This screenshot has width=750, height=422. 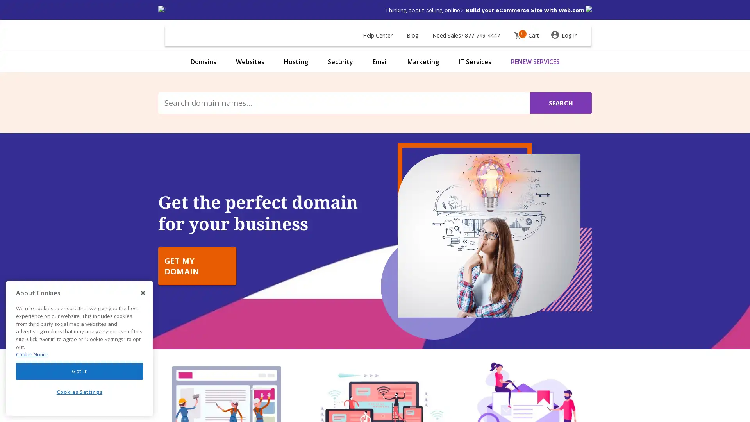 I want to click on SEARCH, so click(x=560, y=102).